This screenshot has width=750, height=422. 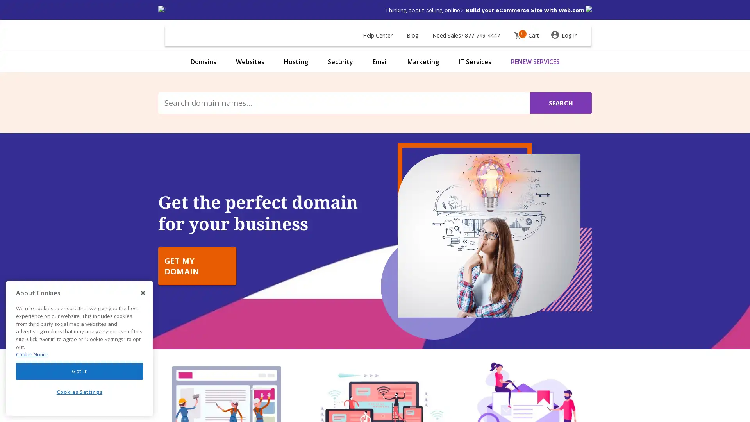 I want to click on SEARCH, so click(x=560, y=102).